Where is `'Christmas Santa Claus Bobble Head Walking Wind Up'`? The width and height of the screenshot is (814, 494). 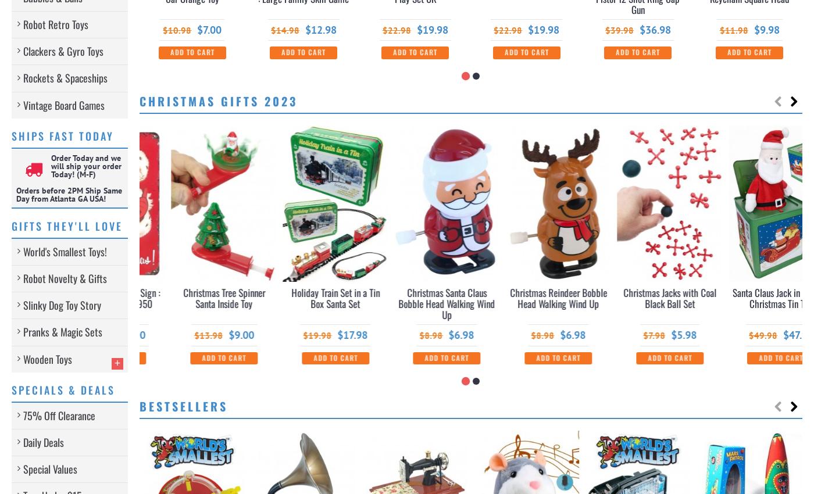 'Christmas Santa Claus Bobble Head Walking Wind Up' is located at coordinates (638, 302).